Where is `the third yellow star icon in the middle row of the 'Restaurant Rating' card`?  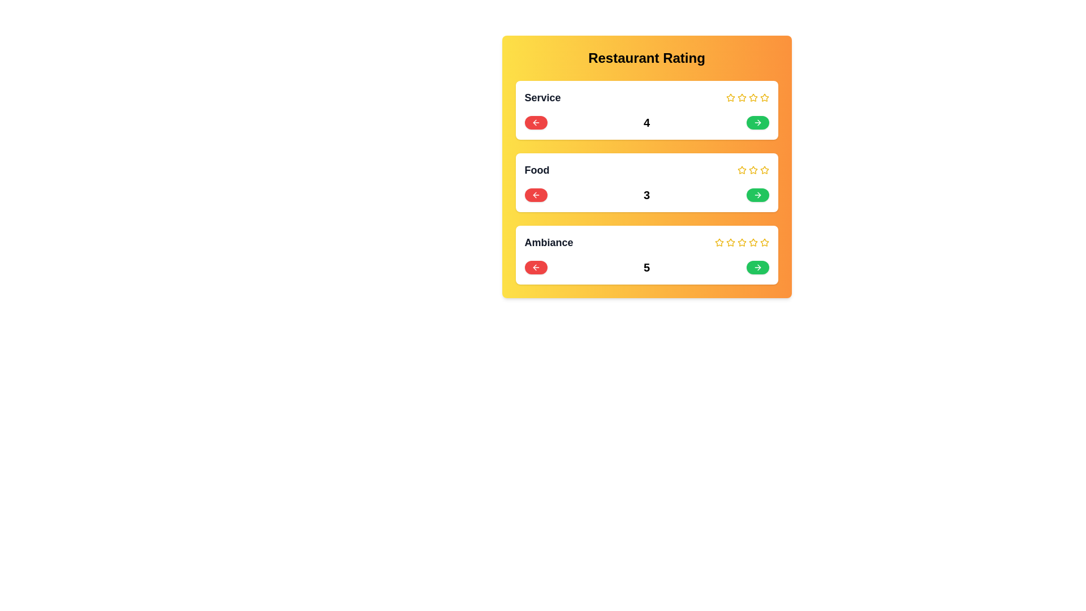 the third yellow star icon in the middle row of the 'Restaurant Rating' card is located at coordinates (764, 170).